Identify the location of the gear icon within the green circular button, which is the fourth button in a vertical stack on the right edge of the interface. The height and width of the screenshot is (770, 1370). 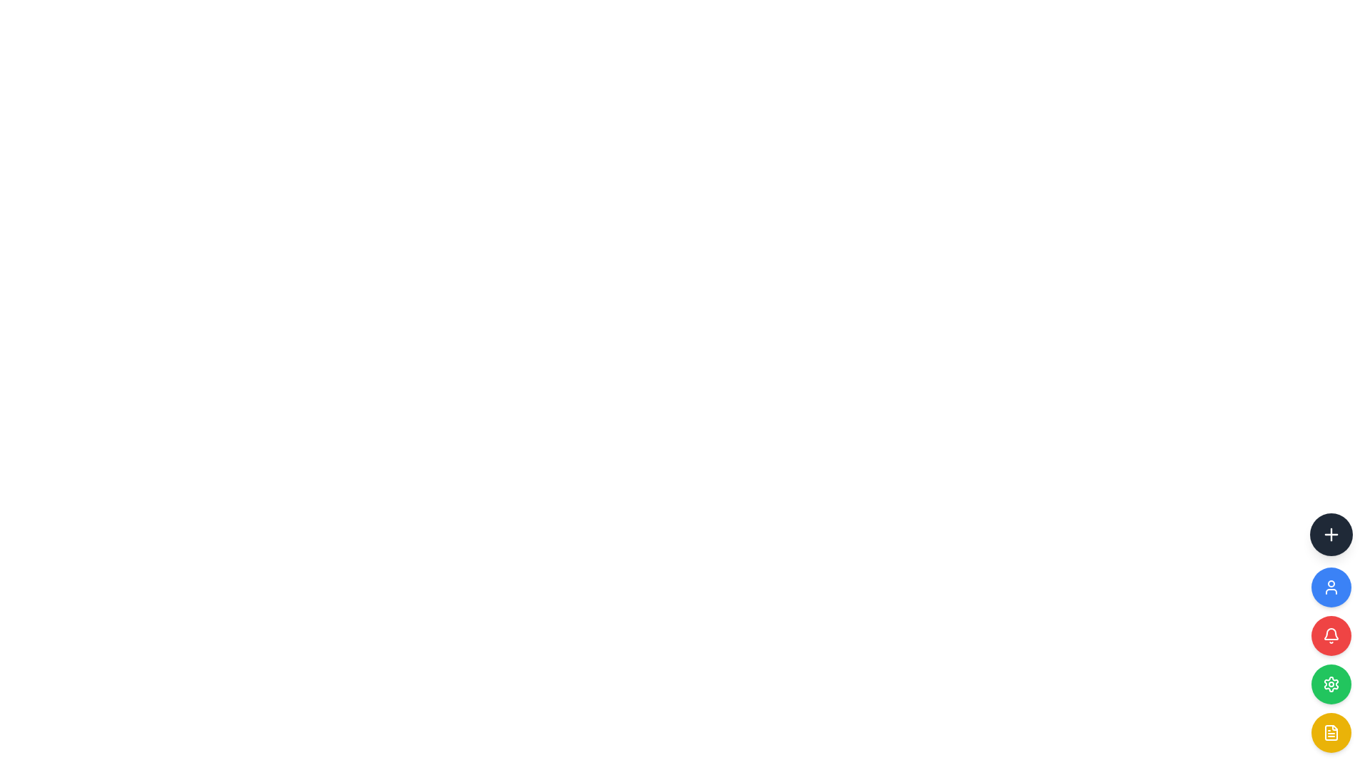
(1331, 684).